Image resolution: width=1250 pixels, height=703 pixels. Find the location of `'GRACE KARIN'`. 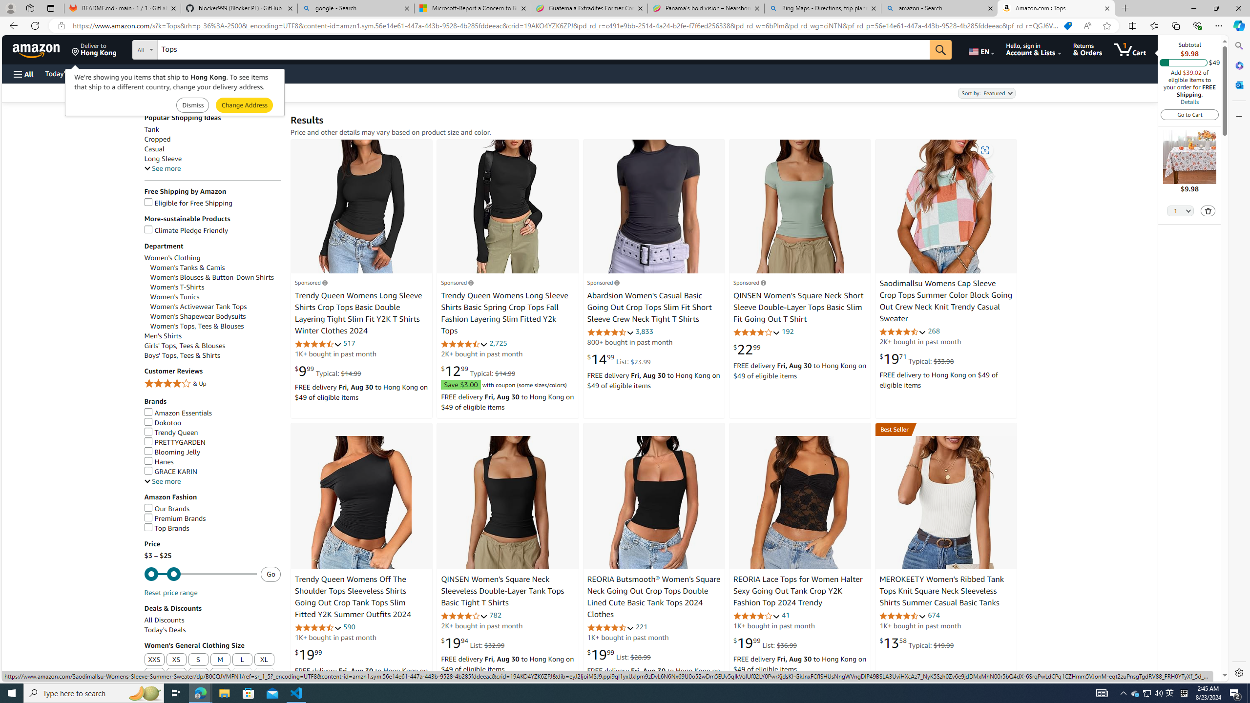

'GRACE KARIN' is located at coordinates (170, 471).